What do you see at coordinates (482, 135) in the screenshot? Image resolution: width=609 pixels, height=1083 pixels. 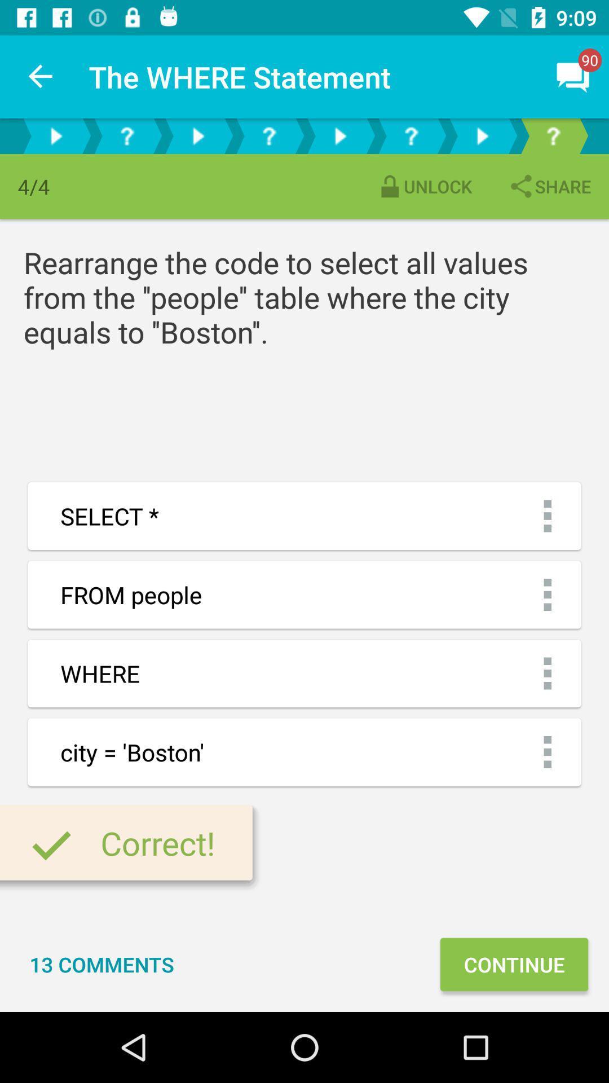 I see `step into` at bounding box center [482, 135].